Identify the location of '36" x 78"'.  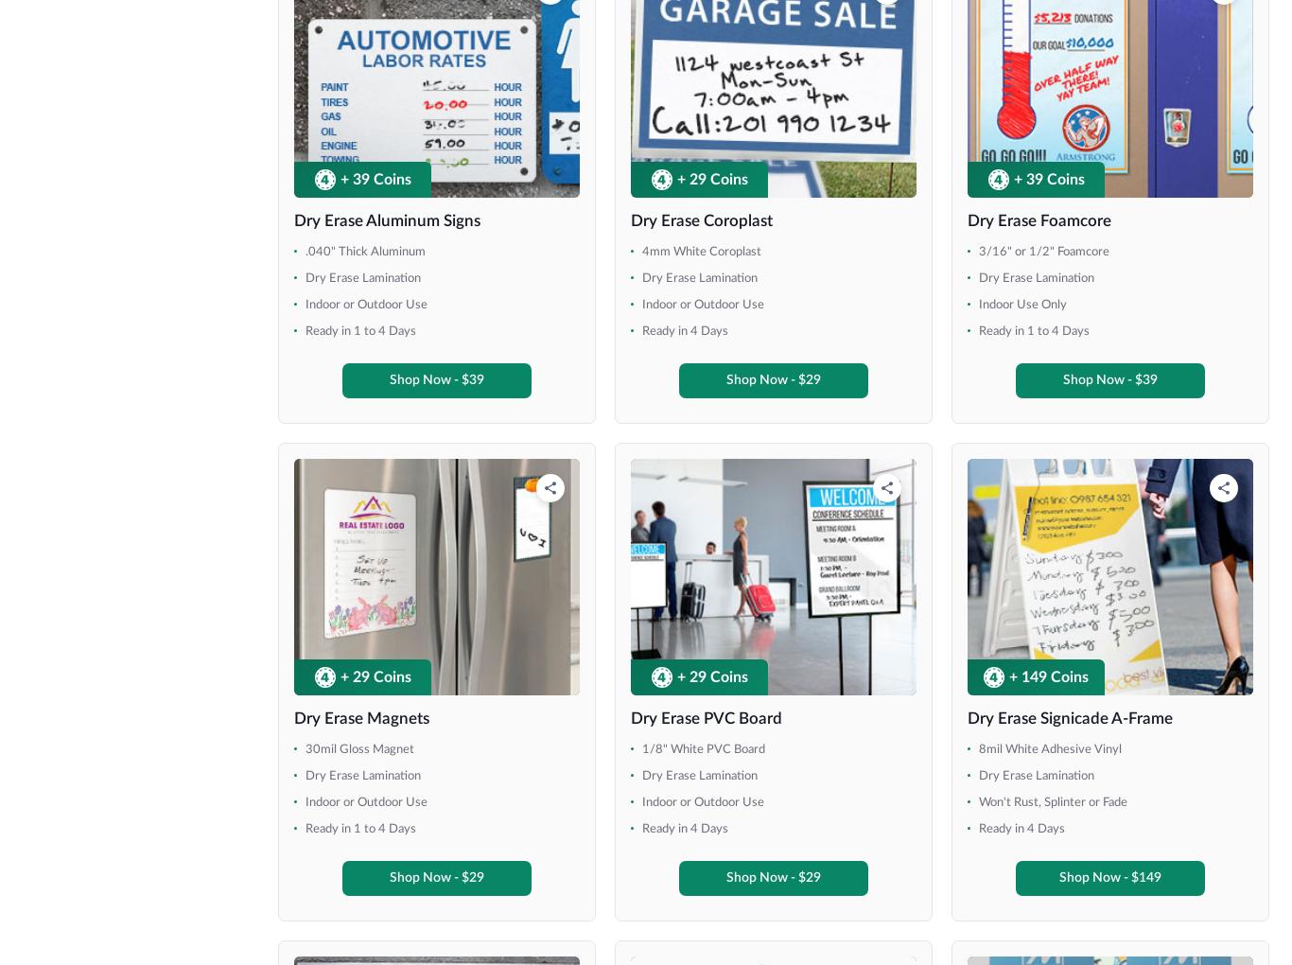
(50, 267).